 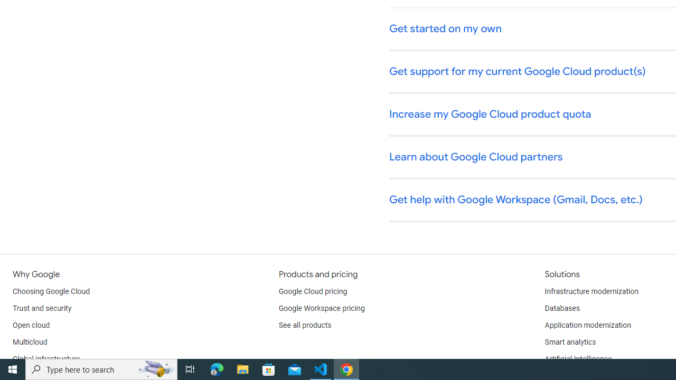 I want to click on 'Artificial Intelligence', so click(x=577, y=359).